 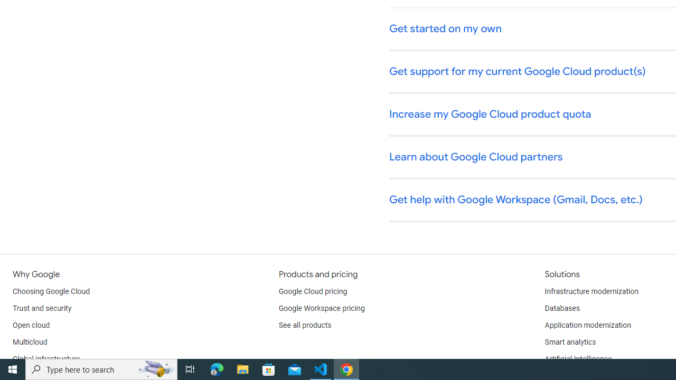 I want to click on 'Artificial Intelligence', so click(x=577, y=359).